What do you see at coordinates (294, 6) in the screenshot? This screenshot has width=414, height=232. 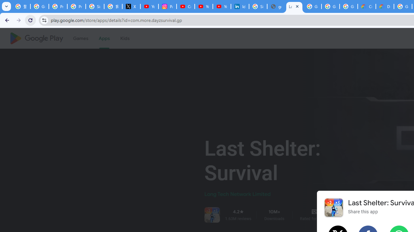 I see `'Last Shelter: Survival - Apps on Google Play'` at bounding box center [294, 6].